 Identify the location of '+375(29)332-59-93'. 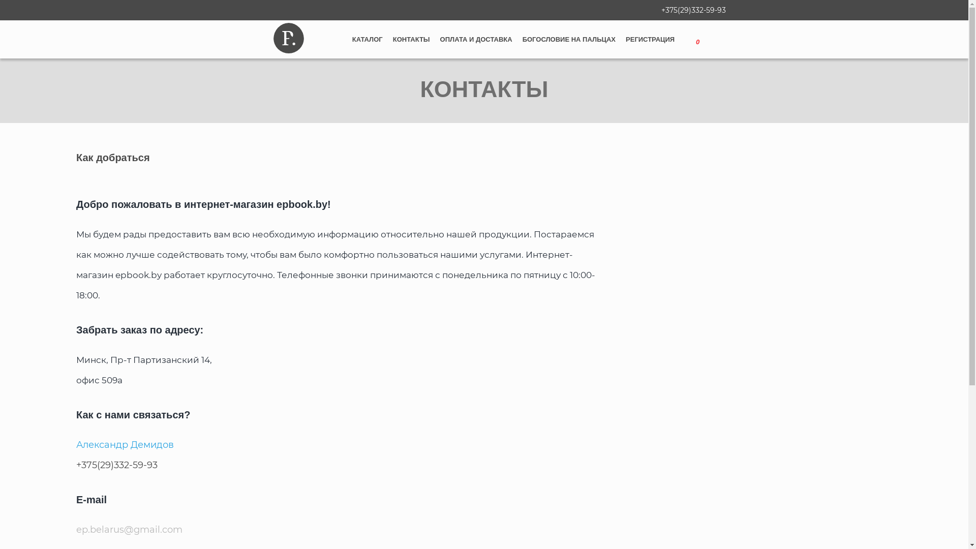
(692, 10).